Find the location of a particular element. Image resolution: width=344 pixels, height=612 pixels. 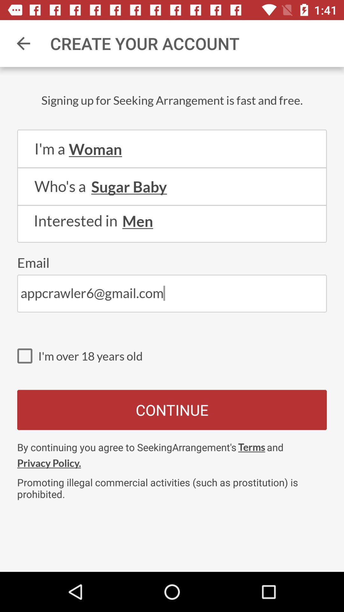

by continuing you item is located at coordinates (127, 447).